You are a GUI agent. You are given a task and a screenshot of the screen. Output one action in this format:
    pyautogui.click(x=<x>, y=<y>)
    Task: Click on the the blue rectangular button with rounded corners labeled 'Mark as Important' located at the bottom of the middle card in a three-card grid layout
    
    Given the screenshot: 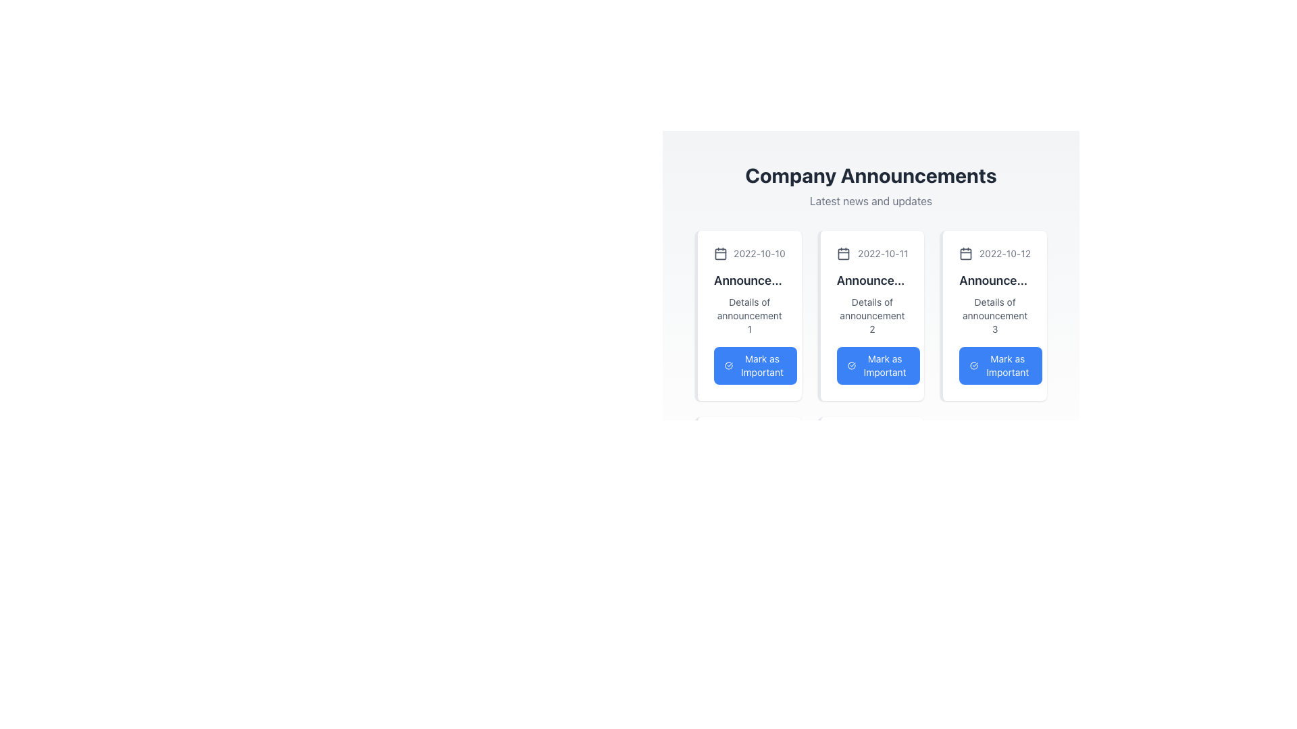 What is the action you would take?
    pyautogui.click(x=878, y=366)
    